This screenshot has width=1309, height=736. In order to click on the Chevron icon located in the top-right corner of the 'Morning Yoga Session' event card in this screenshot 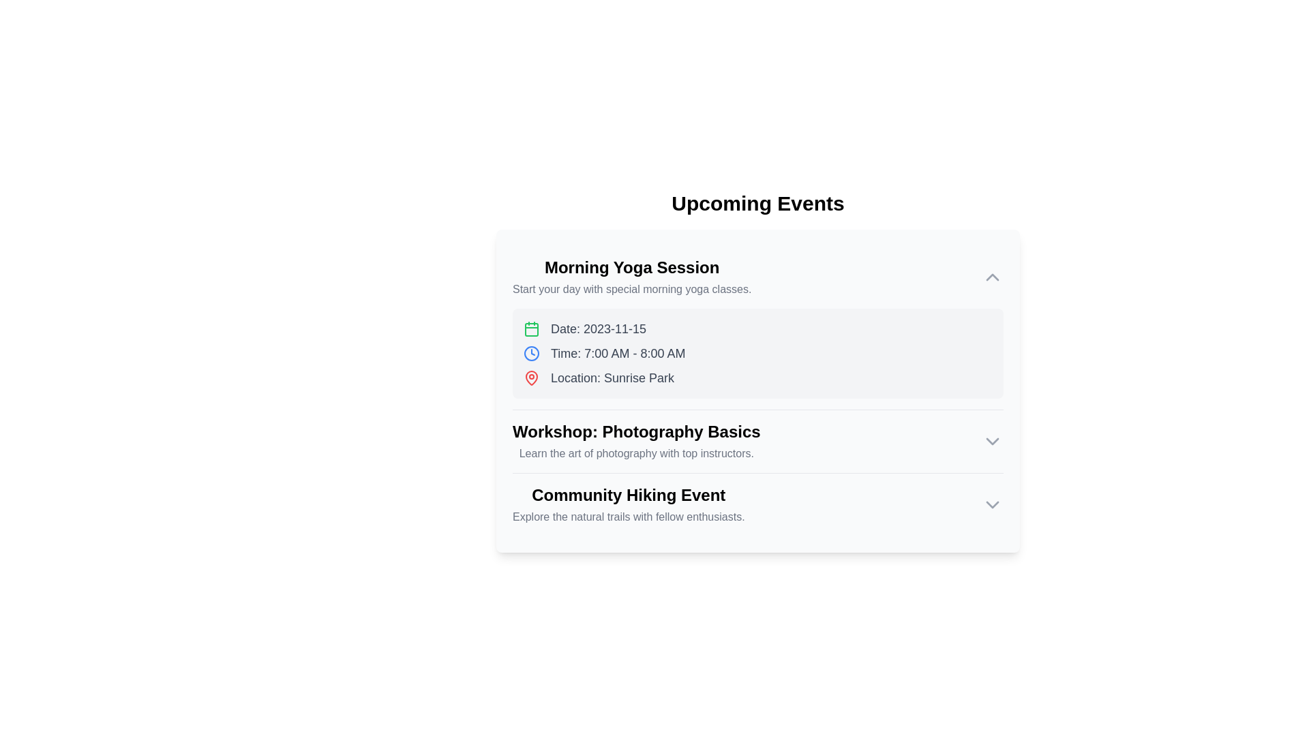, I will do `click(992, 277)`.